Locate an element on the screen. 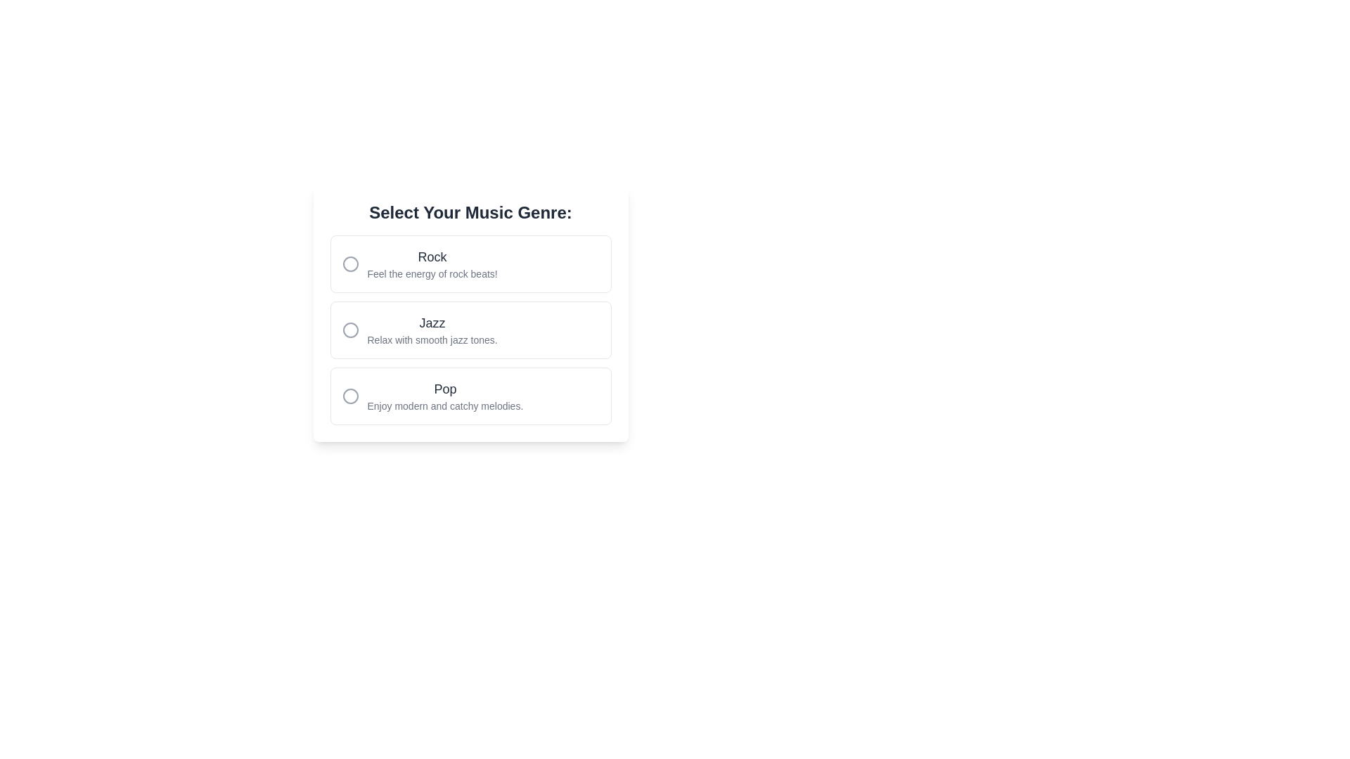  the radio button to the left of the text 'Jazz' in the 'JazzRelax with smooth jazz tones.' option is located at coordinates (350, 330).